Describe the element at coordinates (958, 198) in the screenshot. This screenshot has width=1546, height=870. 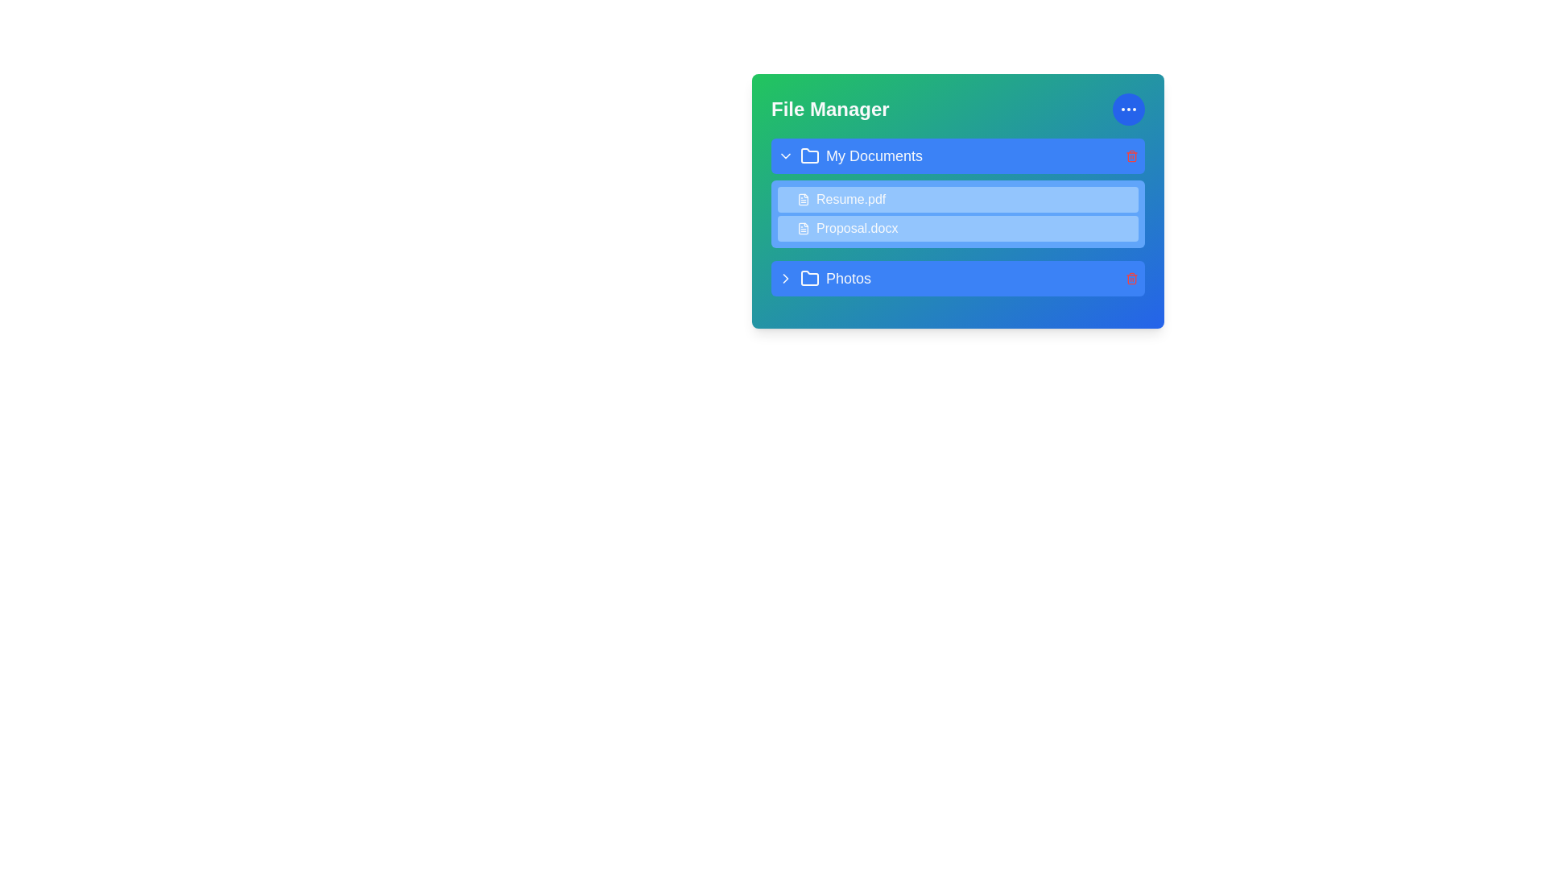
I see `the list item representing the file 'Resume.pdf'` at that location.